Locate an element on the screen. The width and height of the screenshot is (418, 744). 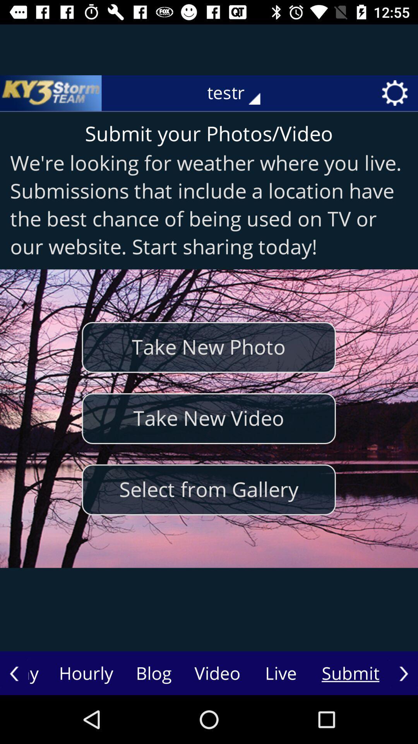
submit at right corner of the bottom page is located at coordinates (351, 673).